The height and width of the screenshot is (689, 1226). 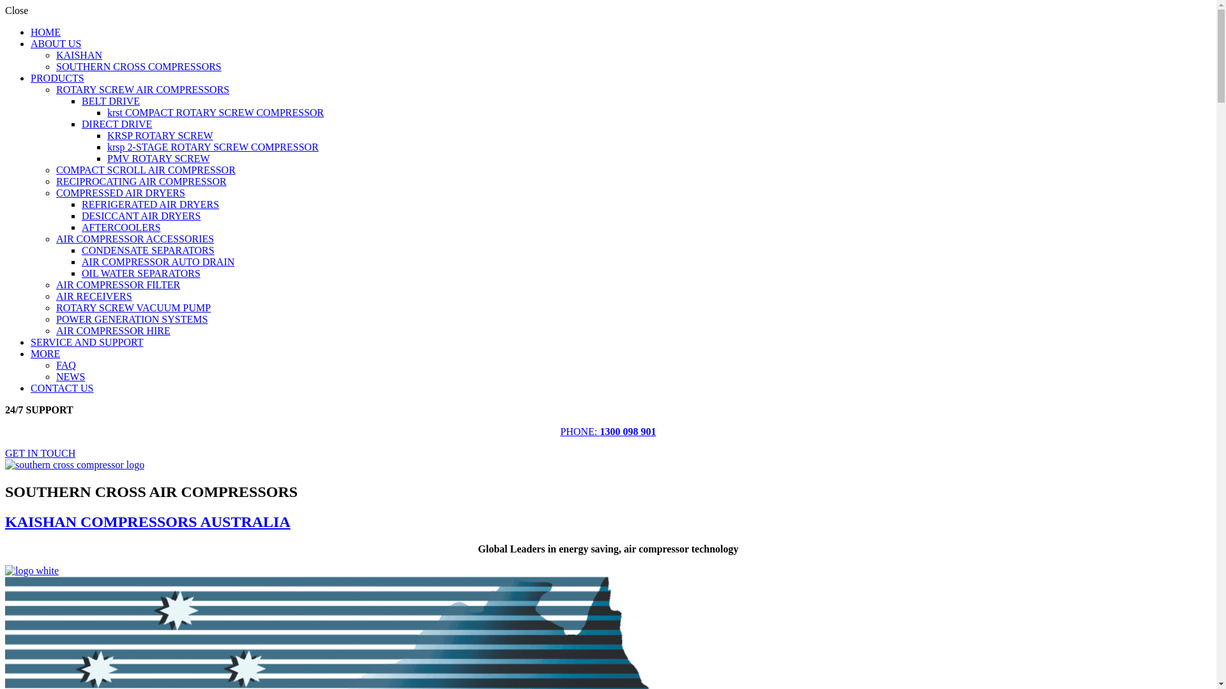 I want to click on 'RECIPROCATING AIR COMPRESSOR', so click(x=141, y=181).